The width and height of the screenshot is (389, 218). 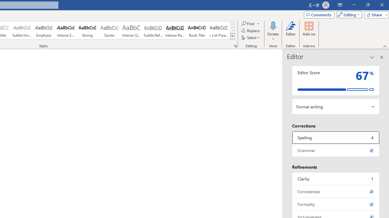 What do you see at coordinates (175, 30) in the screenshot?
I see `'Intense Reference'` at bounding box center [175, 30].